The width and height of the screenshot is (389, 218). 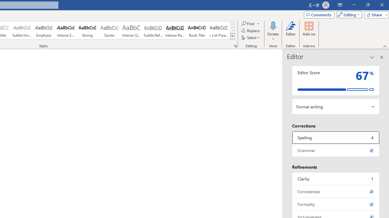 What do you see at coordinates (175, 30) in the screenshot?
I see `'Intense Reference'` at bounding box center [175, 30].